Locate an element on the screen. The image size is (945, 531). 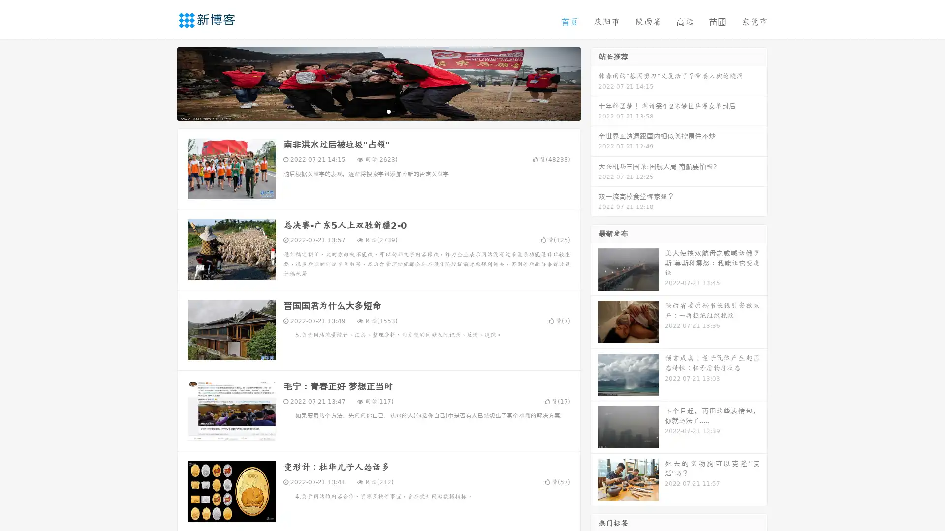
Go to slide 3 is located at coordinates (388, 111).